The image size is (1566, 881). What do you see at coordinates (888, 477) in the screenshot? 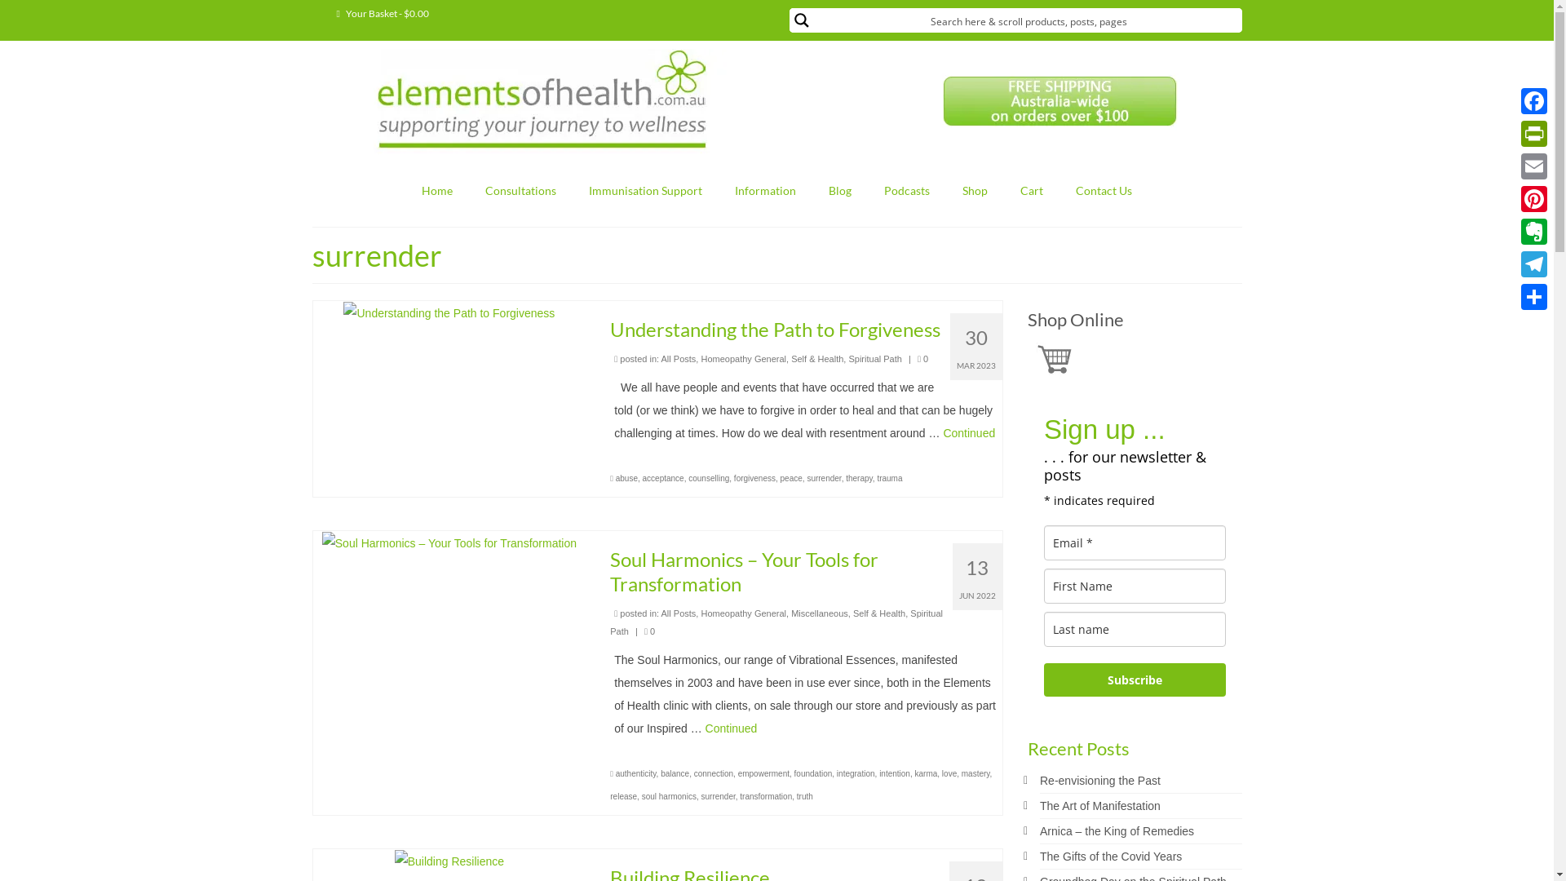
I see `'trauma'` at bounding box center [888, 477].